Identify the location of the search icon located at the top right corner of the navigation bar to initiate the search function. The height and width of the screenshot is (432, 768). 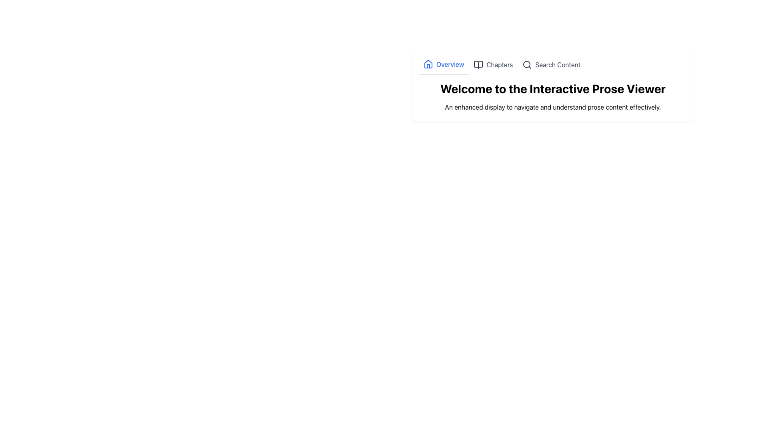
(527, 64).